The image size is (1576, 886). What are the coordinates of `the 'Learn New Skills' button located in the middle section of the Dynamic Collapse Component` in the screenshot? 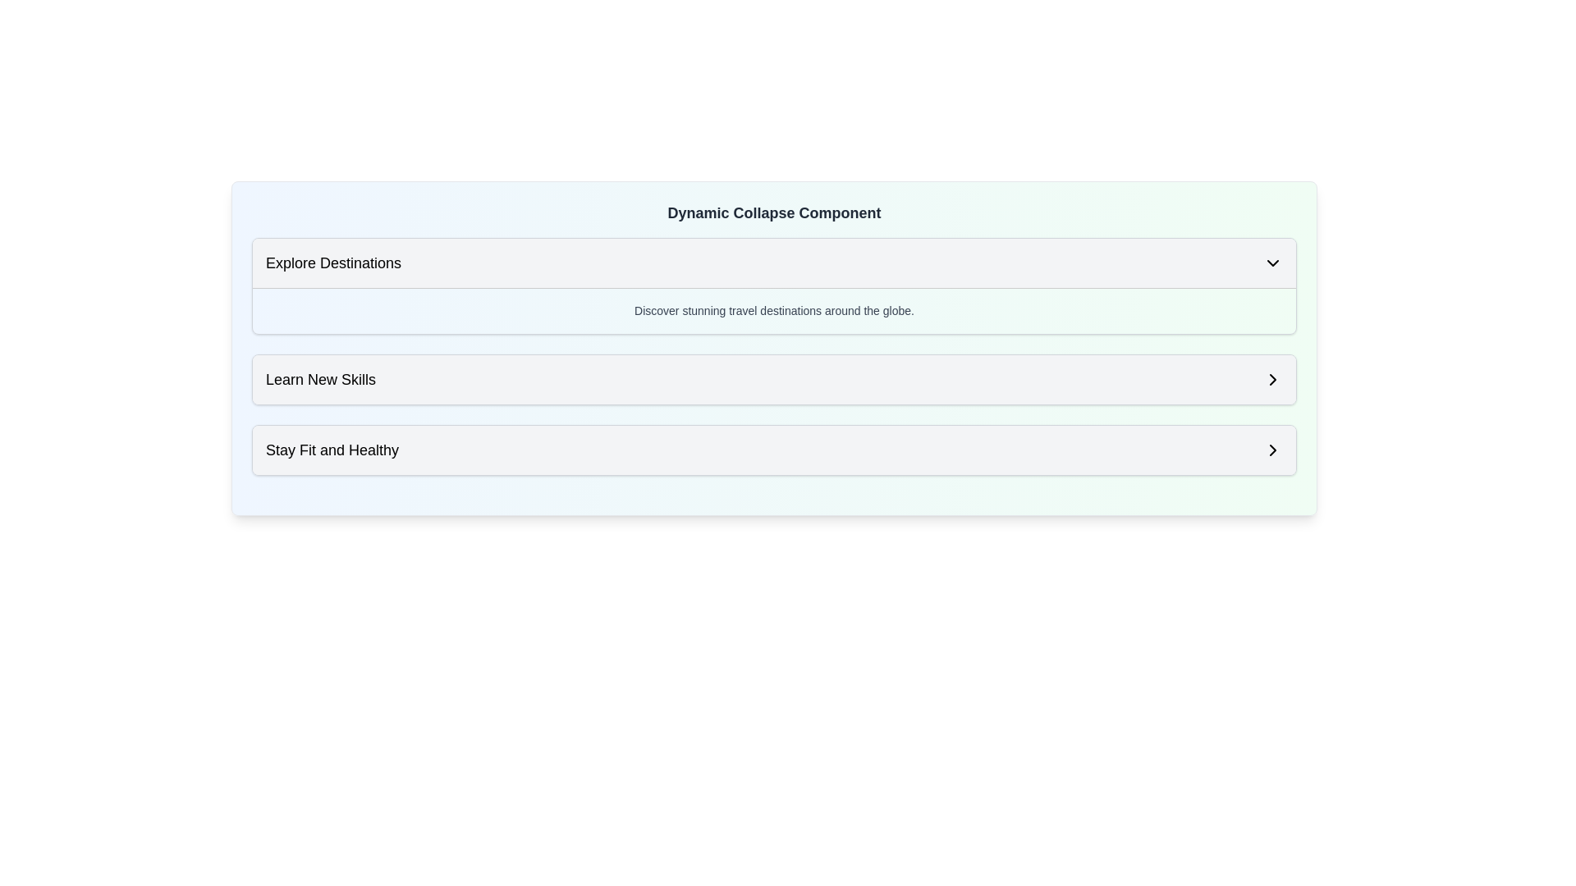 It's located at (773, 379).